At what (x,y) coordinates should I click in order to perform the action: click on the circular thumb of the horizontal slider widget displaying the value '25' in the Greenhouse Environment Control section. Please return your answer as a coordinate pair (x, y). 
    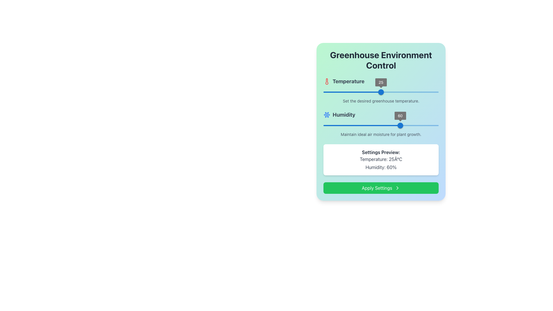
    Looking at the image, I should click on (381, 92).